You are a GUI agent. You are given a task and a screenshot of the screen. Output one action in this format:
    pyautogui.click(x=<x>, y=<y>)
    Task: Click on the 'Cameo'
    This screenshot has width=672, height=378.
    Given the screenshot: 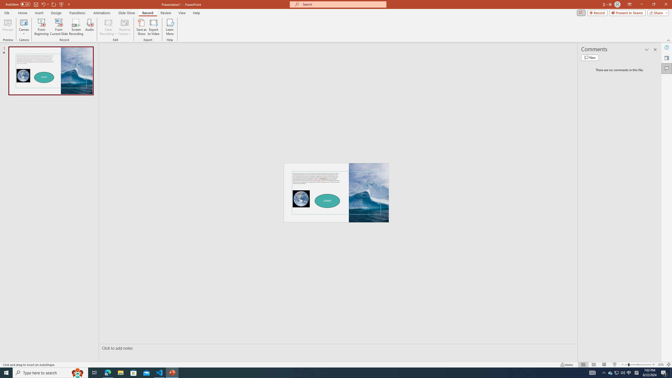 What is the action you would take?
    pyautogui.click(x=23, y=27)
    